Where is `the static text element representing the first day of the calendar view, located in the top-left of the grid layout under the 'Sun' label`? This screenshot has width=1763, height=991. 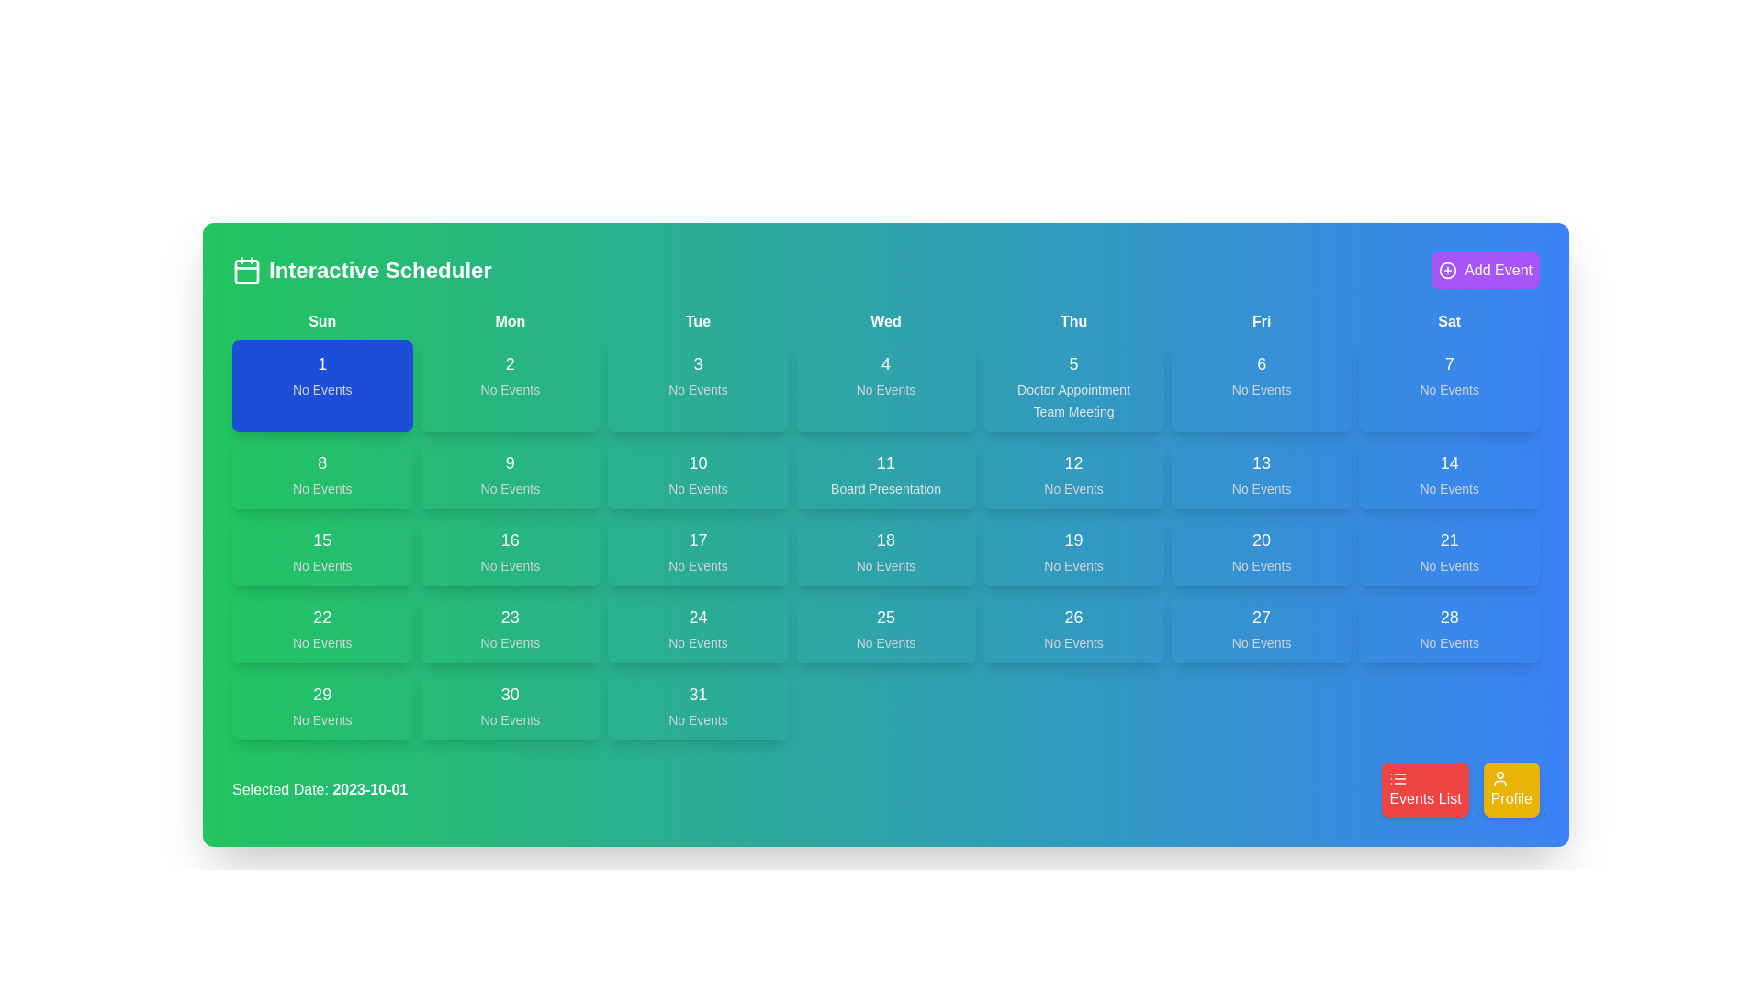
the static text element representing the first day of the calendar view, located in the top-left of the grid layout under the 'Sun' label is located at coordinates (322, 364).